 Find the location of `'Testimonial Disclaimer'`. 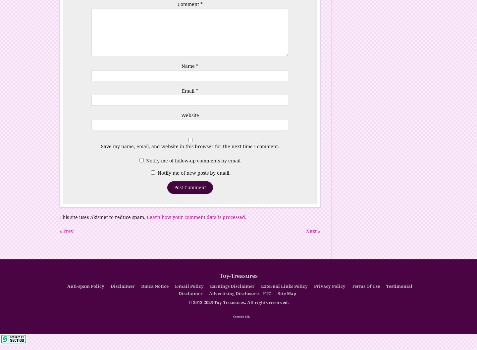

'Testimonial Disclaimer' is located at coordinates (295, 289).